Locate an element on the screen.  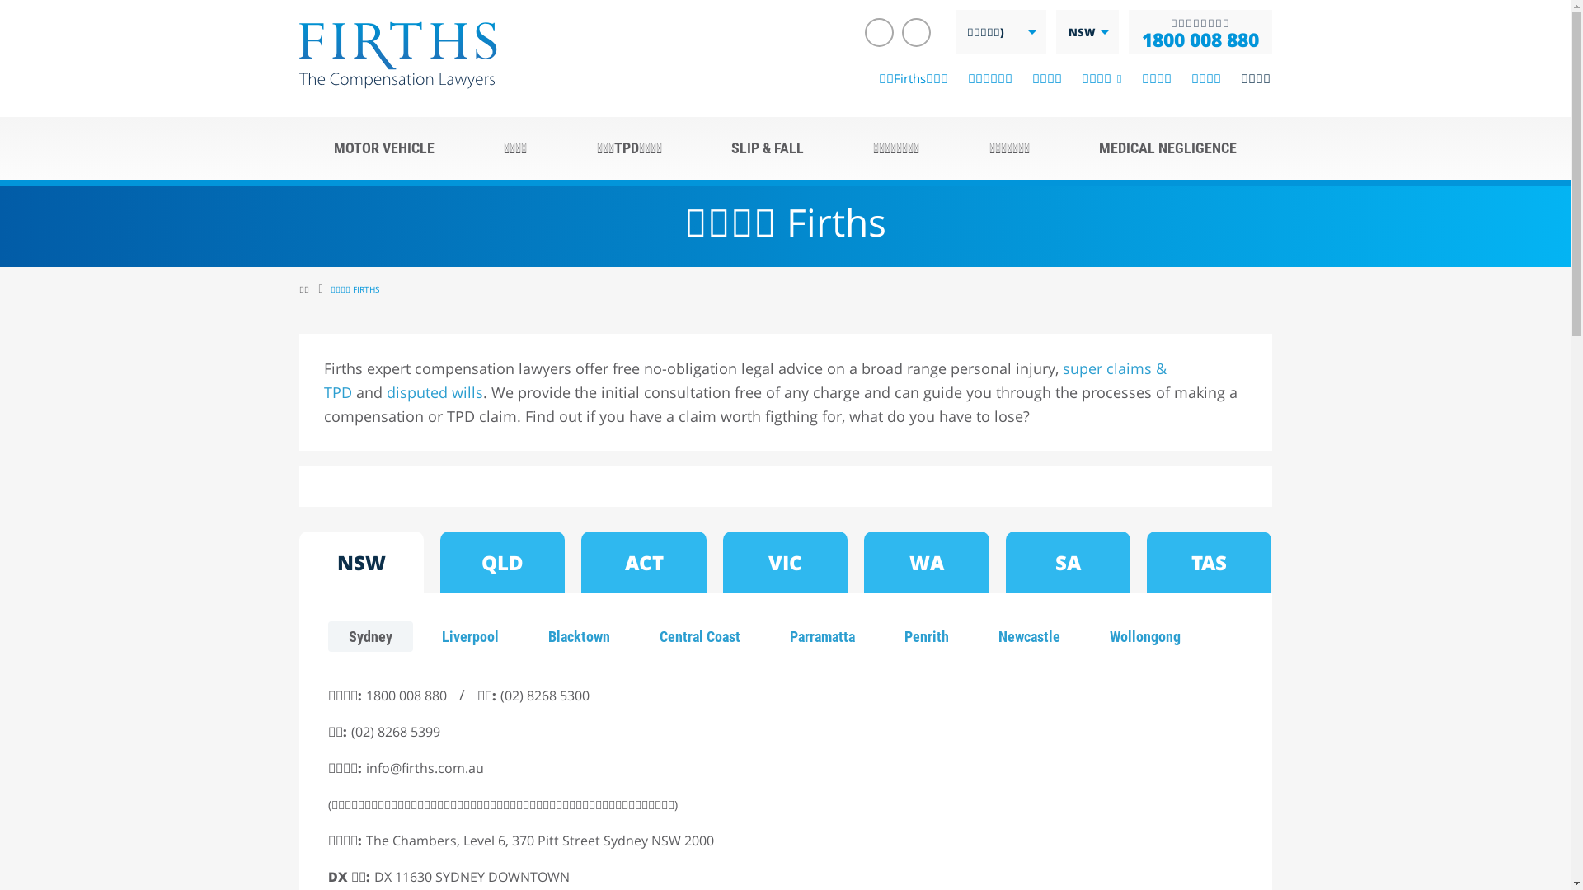
'SA' is located at coordinates (1004, 561).